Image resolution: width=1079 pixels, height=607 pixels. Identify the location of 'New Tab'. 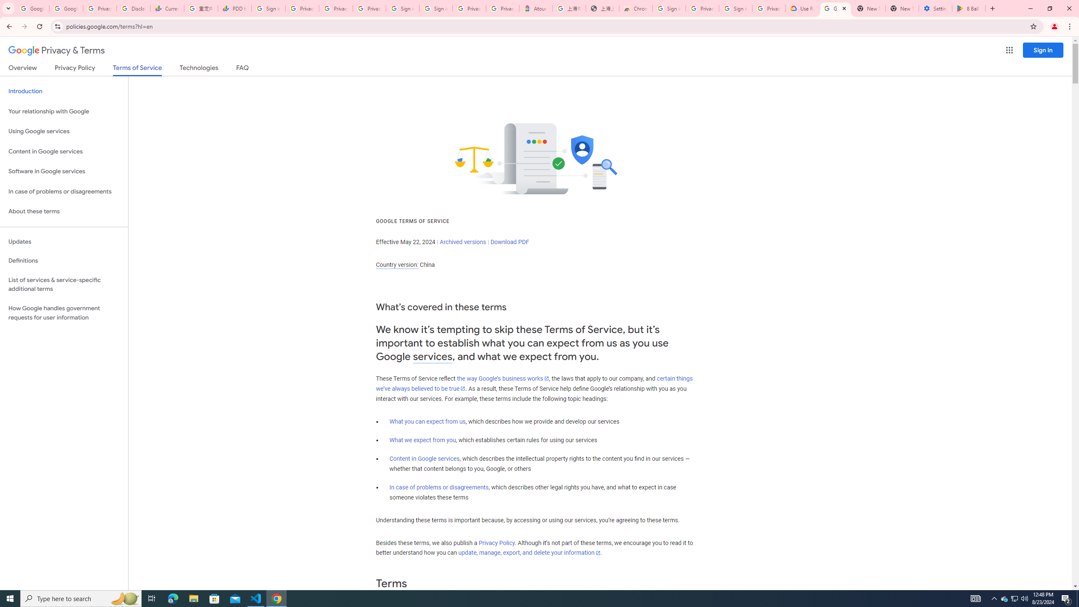
(902, 8).